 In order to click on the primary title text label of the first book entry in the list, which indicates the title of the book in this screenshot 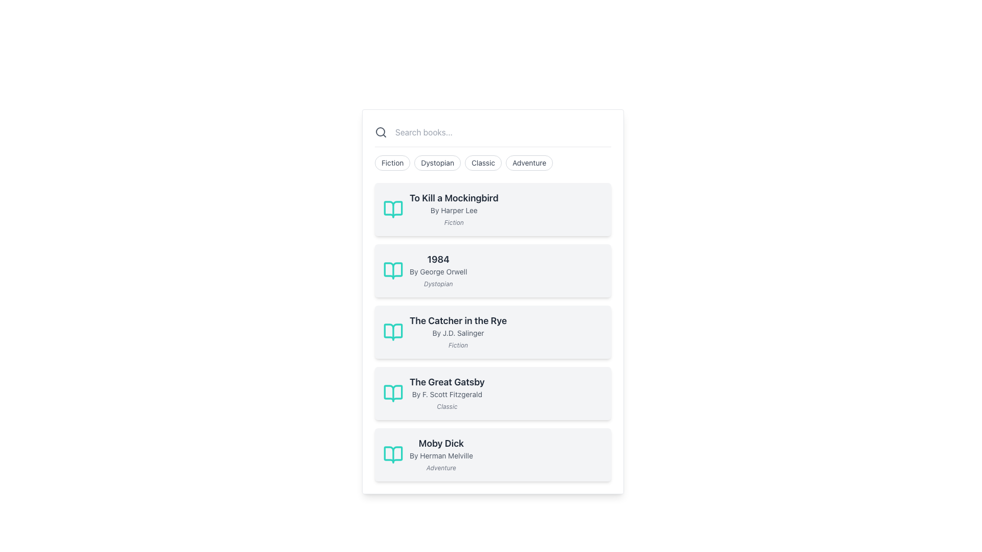, I will do `click(453, 198)`.